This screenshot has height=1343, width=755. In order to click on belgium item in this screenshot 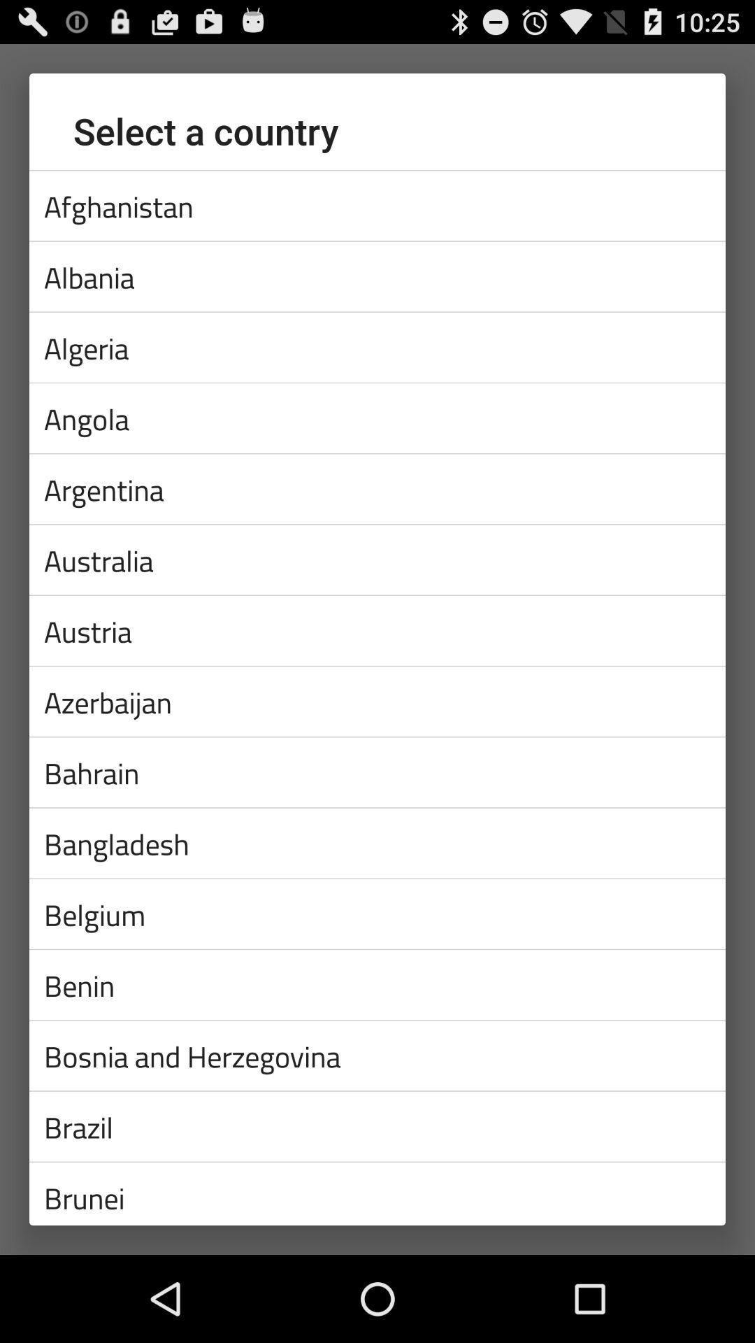, I will do `click(377, 914)`.